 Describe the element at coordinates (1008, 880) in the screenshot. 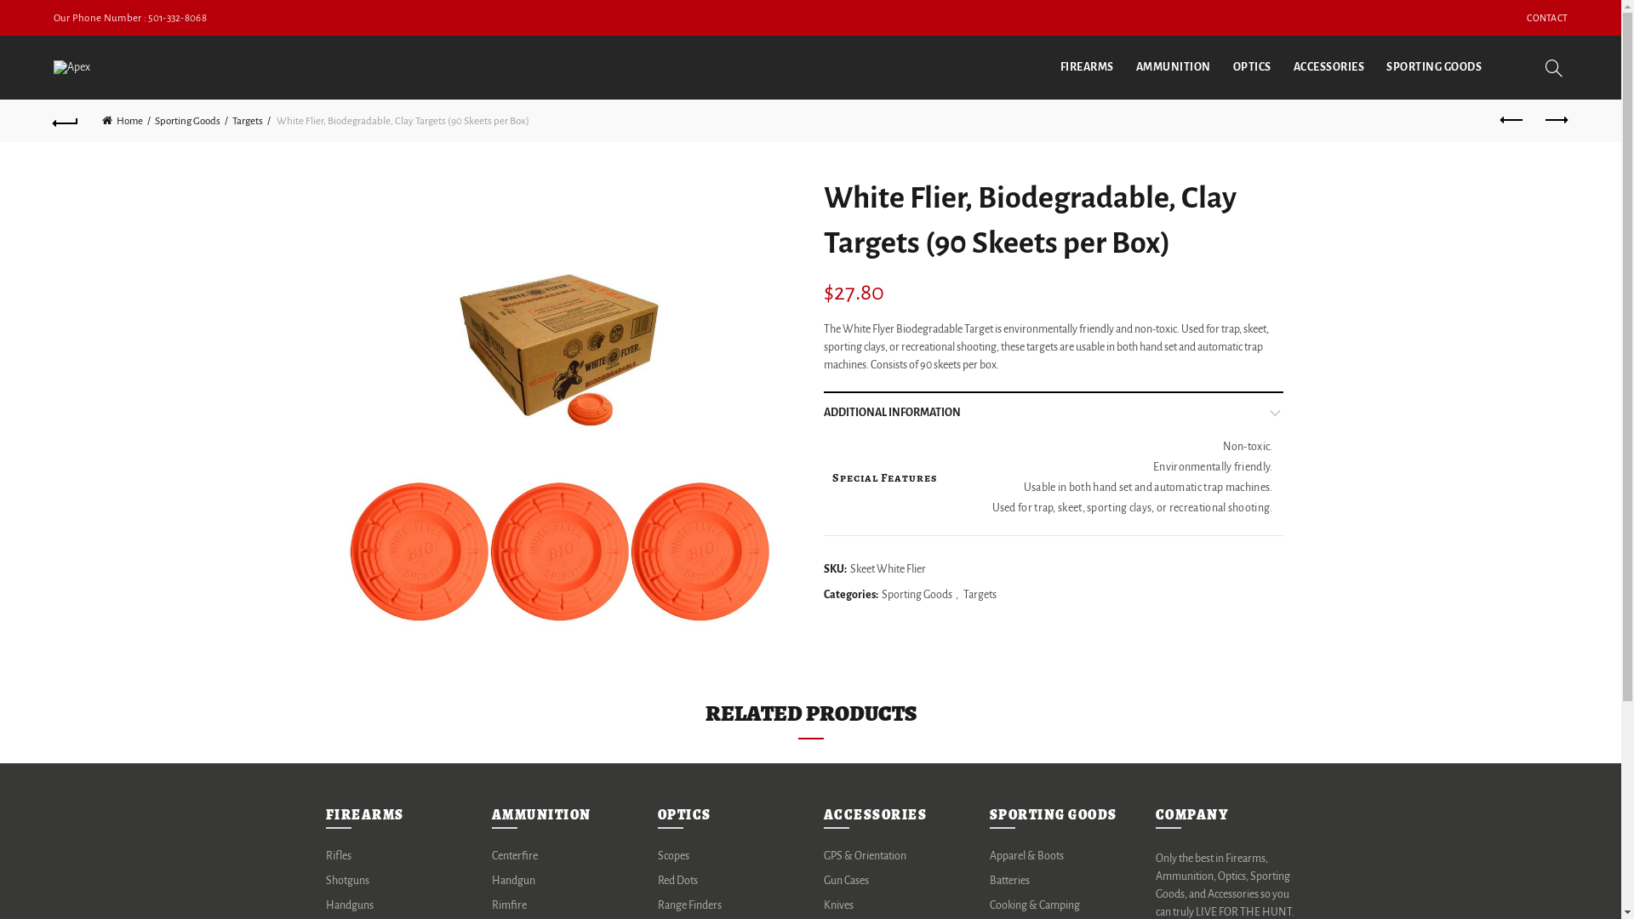

I see `'Batteries'` at that location.